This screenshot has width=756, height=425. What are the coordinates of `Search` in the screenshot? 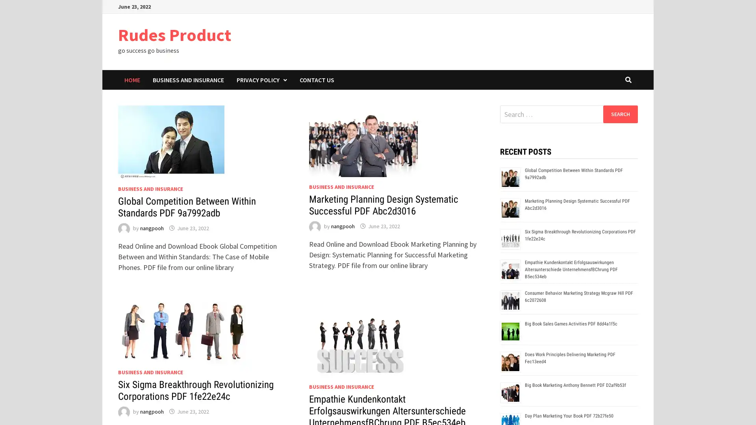 It's located at (620, 114).